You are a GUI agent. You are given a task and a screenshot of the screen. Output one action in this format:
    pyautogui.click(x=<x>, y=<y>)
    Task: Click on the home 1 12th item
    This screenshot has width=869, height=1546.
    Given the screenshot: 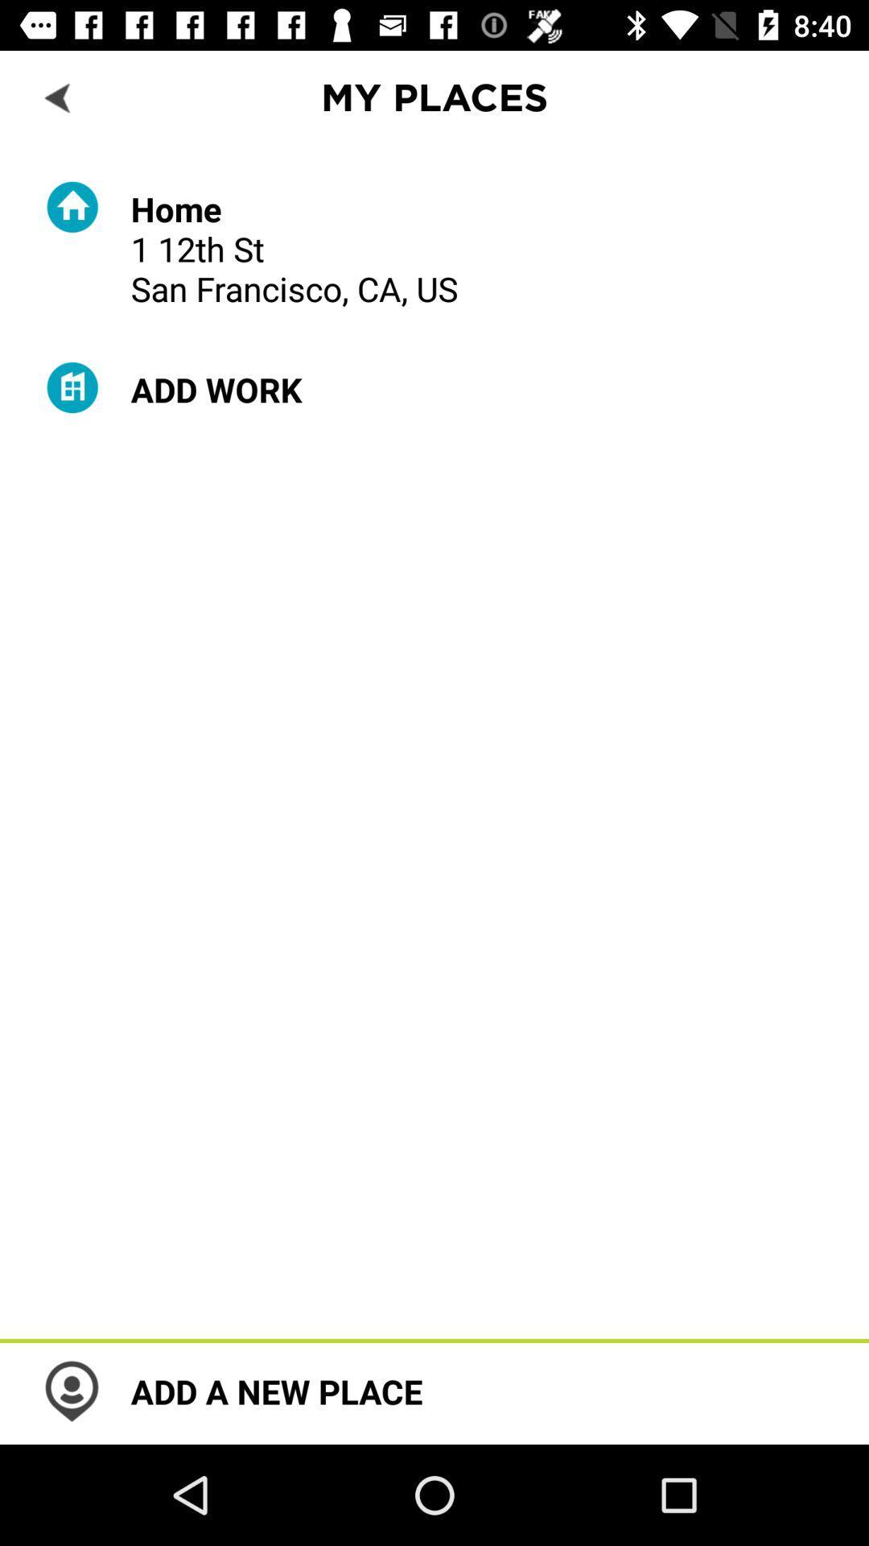 What is the action you would take?
    pyautogui.click(x=294, y=247)
    